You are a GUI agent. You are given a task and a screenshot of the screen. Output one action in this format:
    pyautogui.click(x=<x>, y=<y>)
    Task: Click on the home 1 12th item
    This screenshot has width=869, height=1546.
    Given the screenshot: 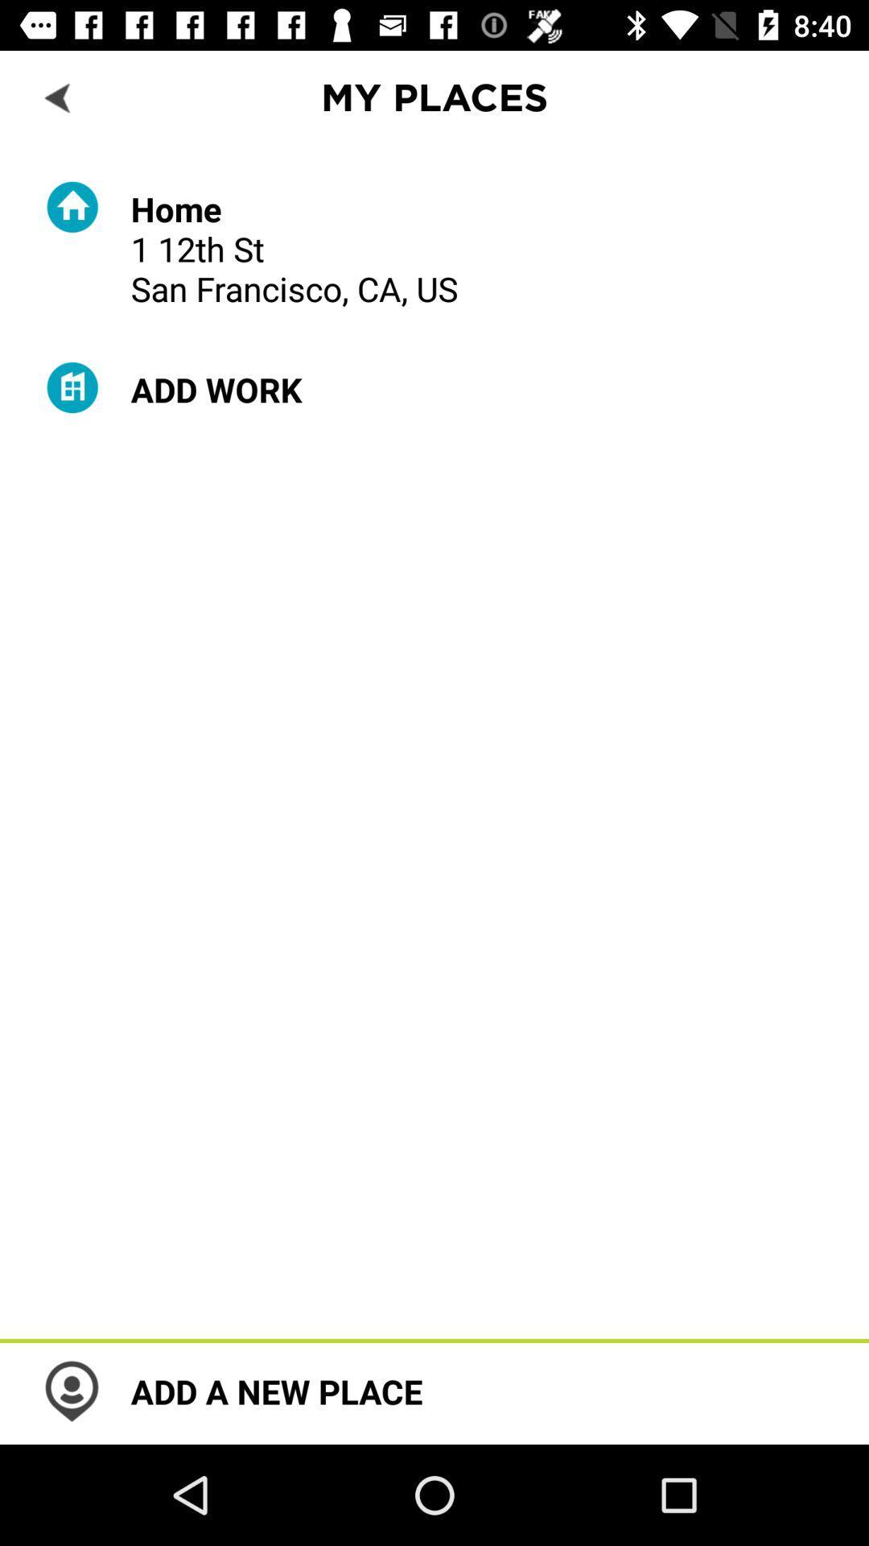 What is the action you would take?
    pyautogui.click(x=294, y=247)
    